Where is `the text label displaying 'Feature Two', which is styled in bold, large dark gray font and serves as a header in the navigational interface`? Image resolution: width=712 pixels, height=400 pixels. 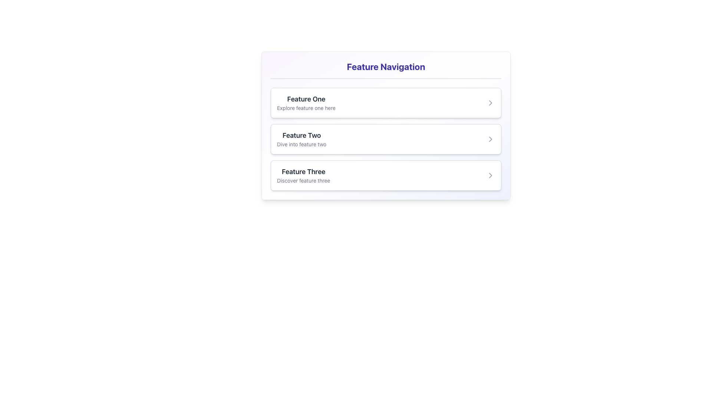 the text label displaying 'Feature Two', which is styled in bold, large dark gray font and serves as a header in the navigational interface is located at coordinates (301, 136).